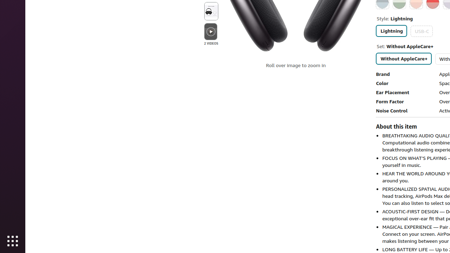  I want to click on 'Without AppleCare+', so click(404, 58).